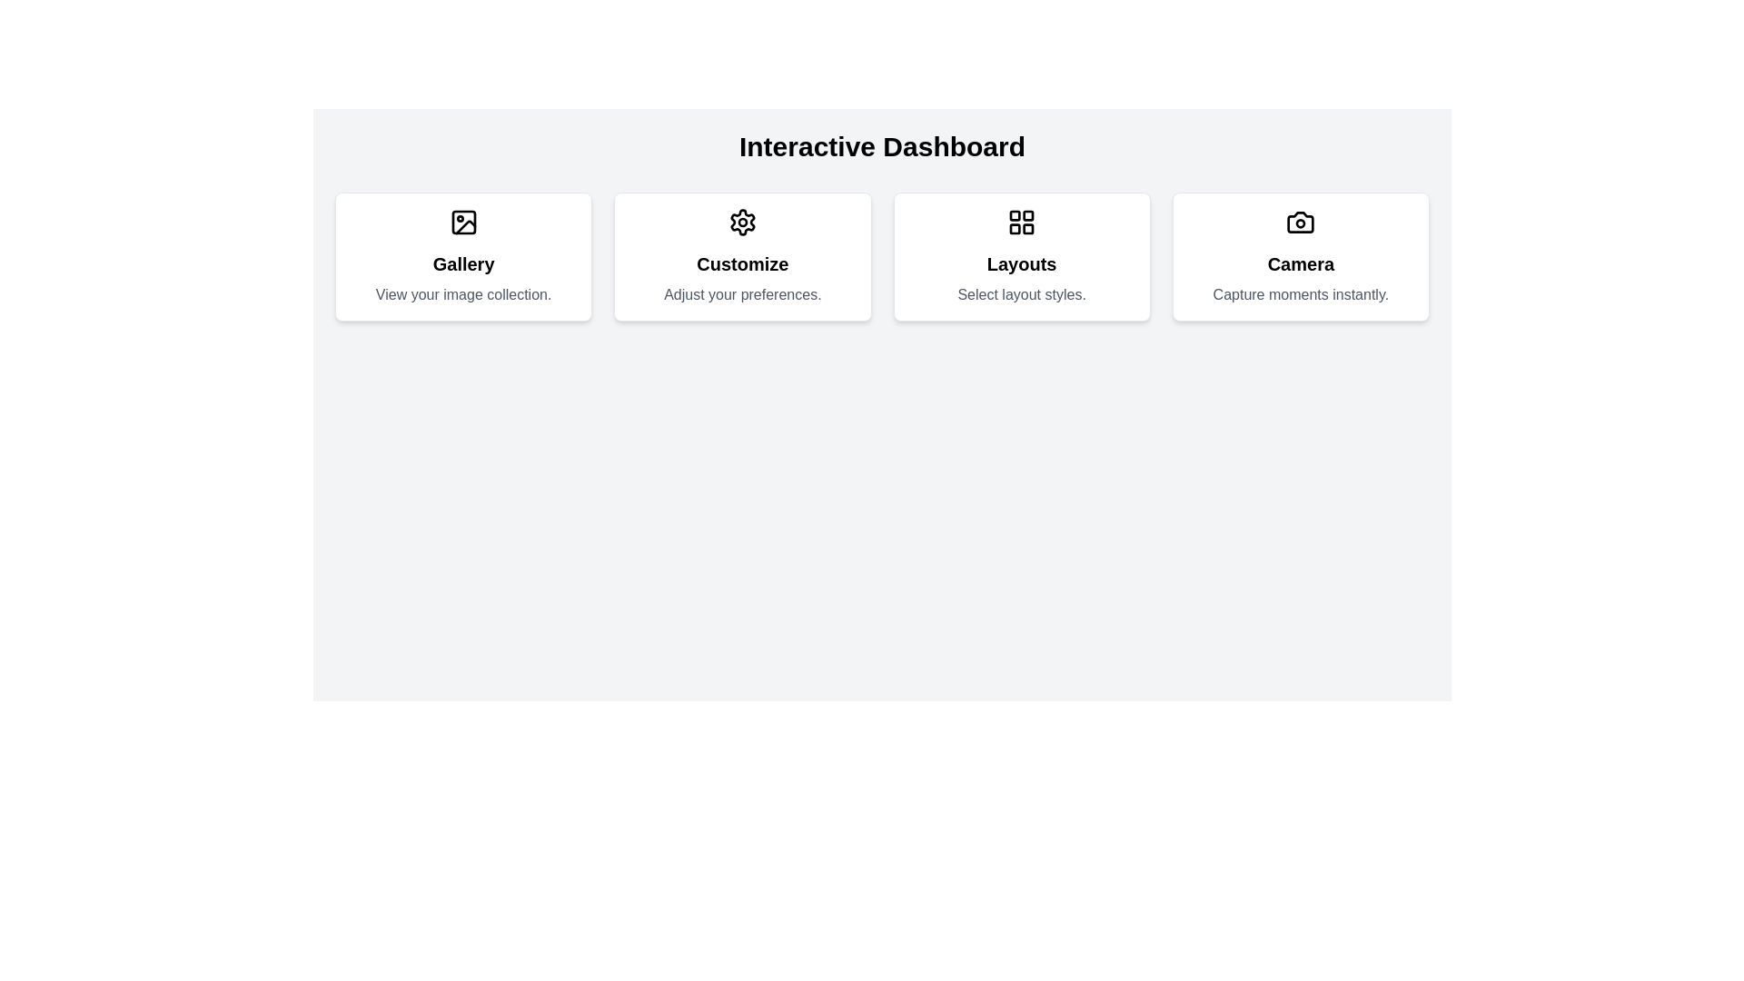 The width and height of the screenshot is (1744, 981). What do you see at coordinates (463, 256) in the screenshot?
I see `the navigation card for accessing the image gallery, which is the first card in a grid layout positioned in the top-left corner of the interface` at bounding box center [463, 256].